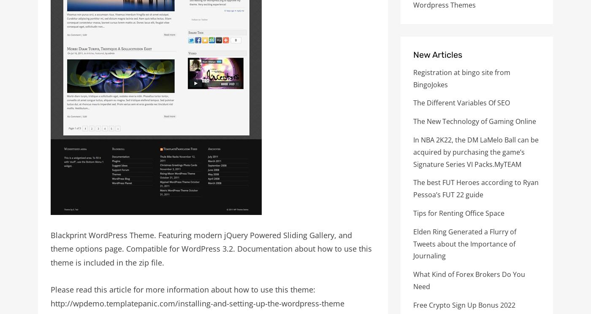 The height and width of the screenshot is (314, 591). What do you see at coordinates (437, 54) in the screenshot?
I see `'New Articles'` at bounding box center [437, 54].